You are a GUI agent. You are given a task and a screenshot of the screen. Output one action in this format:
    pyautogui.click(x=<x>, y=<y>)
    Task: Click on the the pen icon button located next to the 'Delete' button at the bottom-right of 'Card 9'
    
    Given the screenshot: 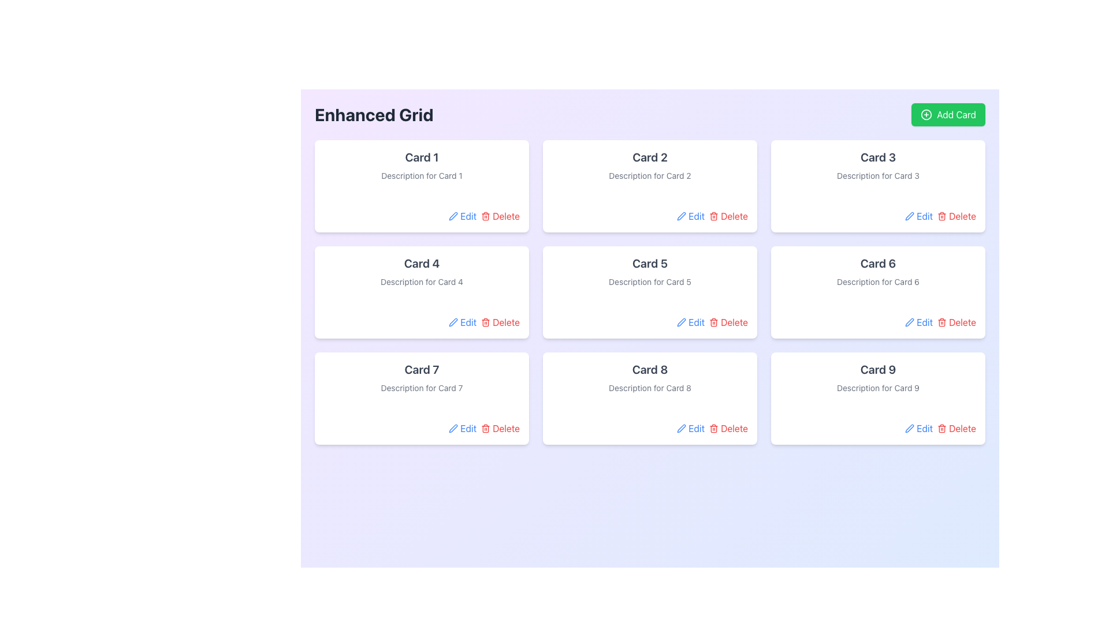 What is the action you would take?
    pyautogui.click(x=909, y=429)
    